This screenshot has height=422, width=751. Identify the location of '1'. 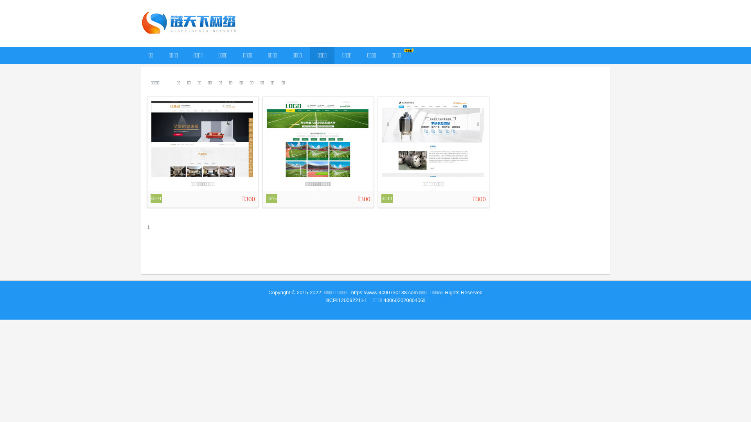
(147, 227).